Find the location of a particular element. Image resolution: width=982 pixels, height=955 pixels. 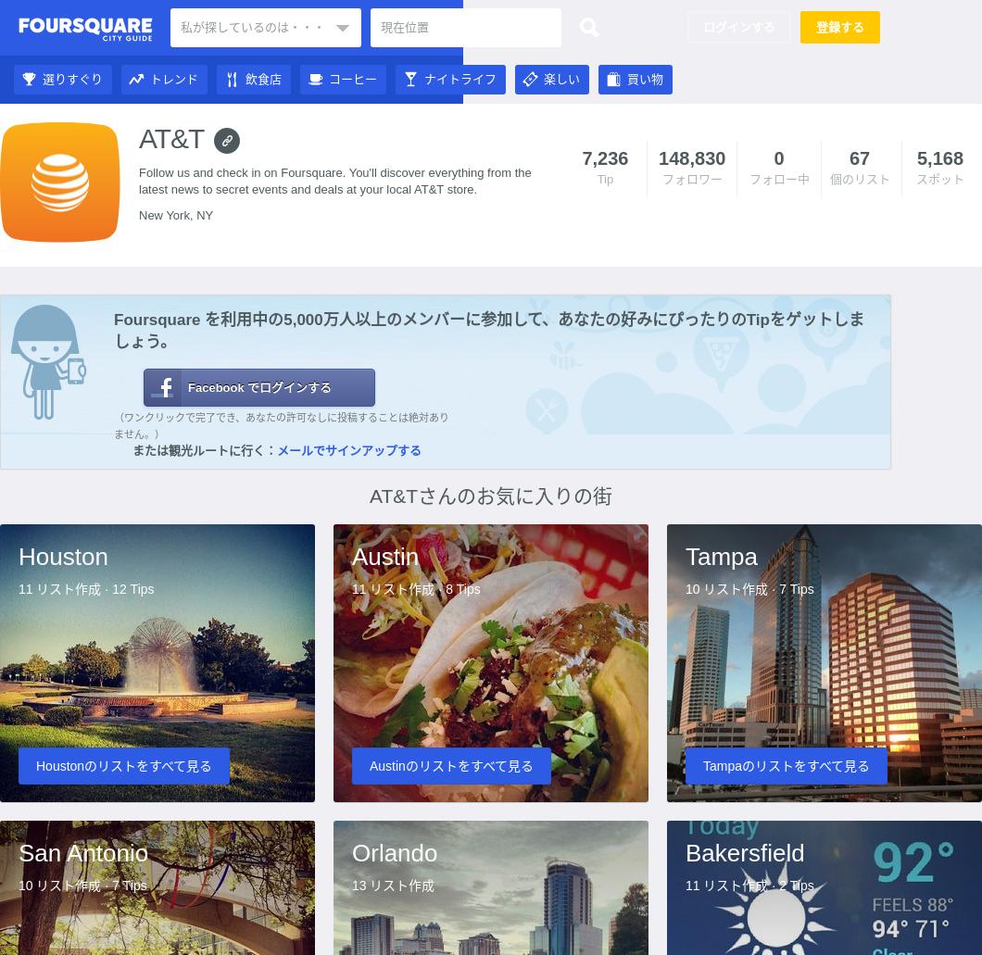

'Facebook でログインする' is located at coordinates (186, 386).